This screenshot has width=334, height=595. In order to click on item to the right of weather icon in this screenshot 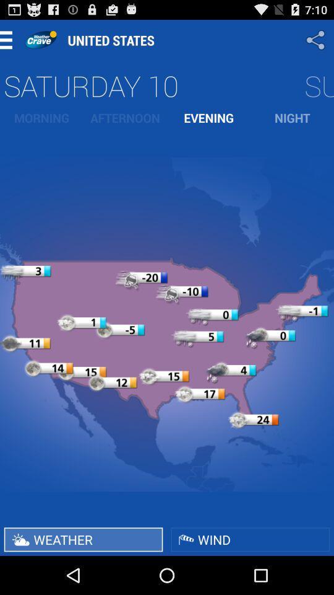, I will do `click(250, 539)`.